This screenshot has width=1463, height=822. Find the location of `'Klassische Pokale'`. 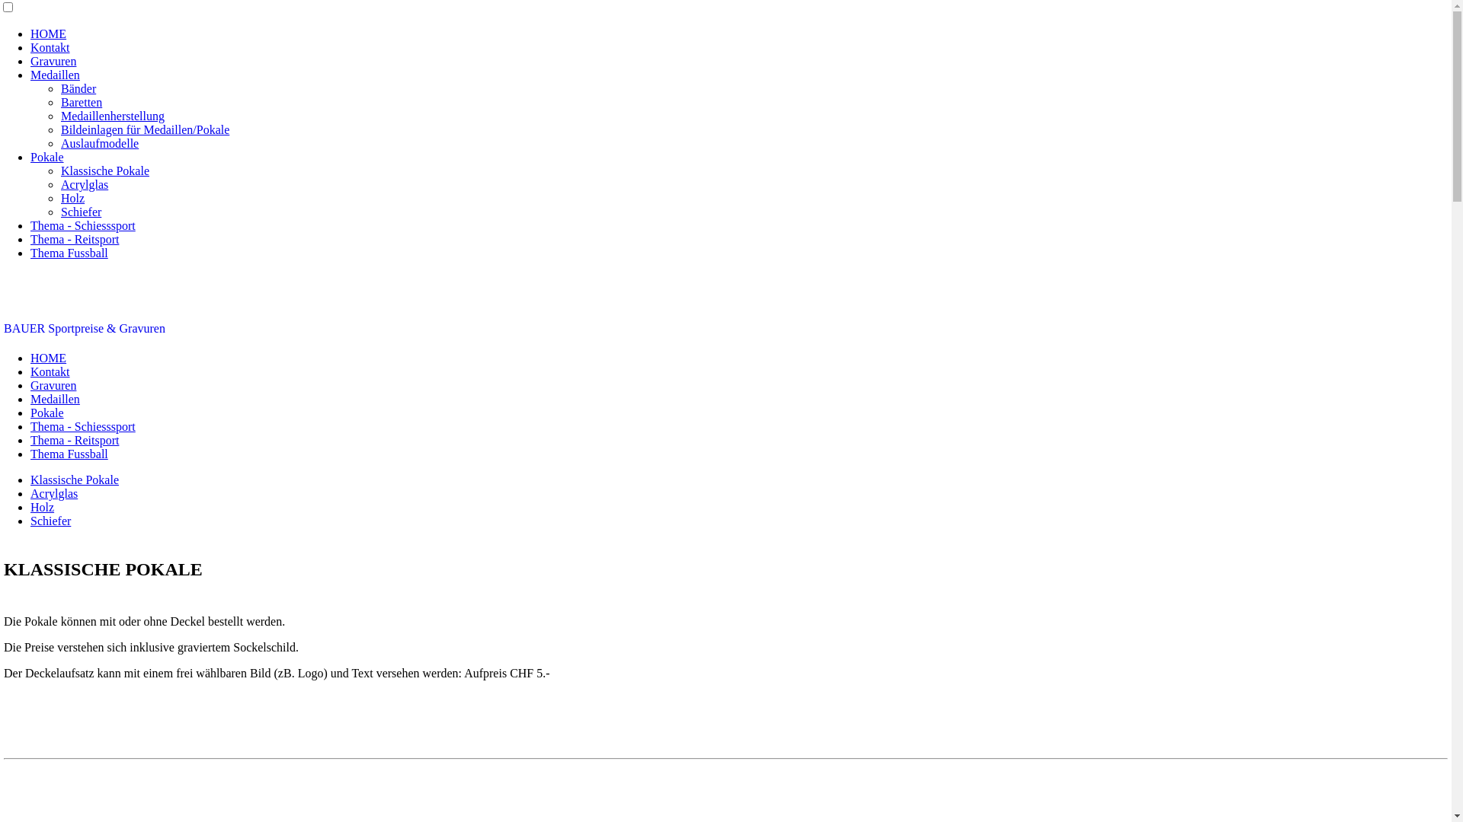

'Klassische Pokale' is located at coordinates (104, 170).